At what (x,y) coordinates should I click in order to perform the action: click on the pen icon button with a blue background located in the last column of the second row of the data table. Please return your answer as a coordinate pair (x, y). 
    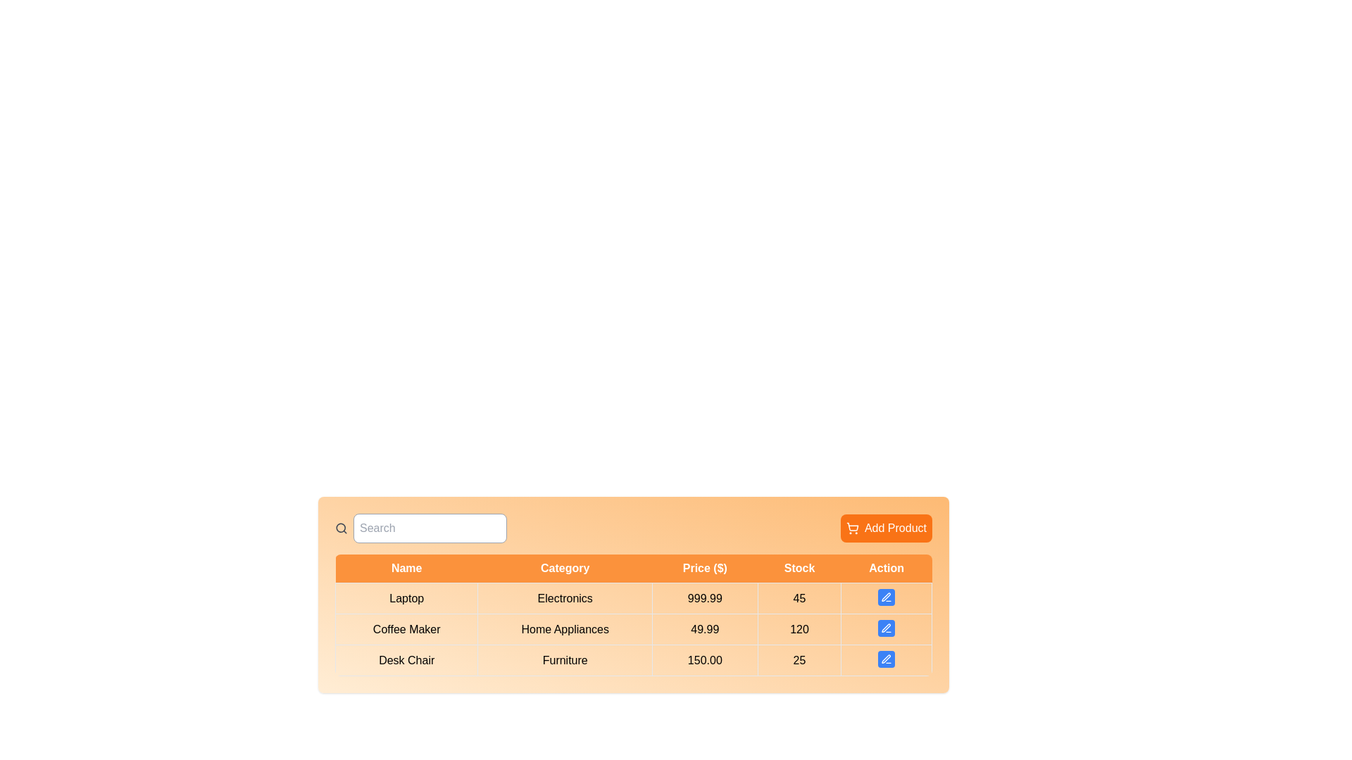
    Looking at the image, I should click on (886, 628).